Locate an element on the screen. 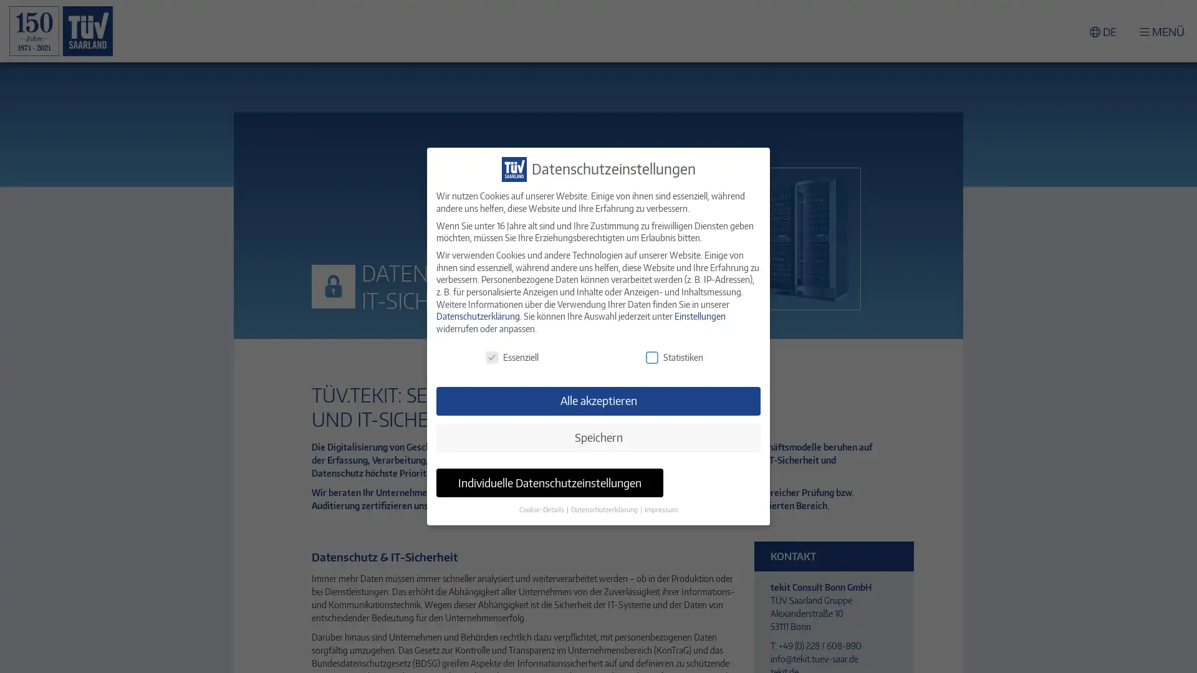 This screenshot has width=1197, height=673. Cookie-Details is located at coordinates (542, 509).